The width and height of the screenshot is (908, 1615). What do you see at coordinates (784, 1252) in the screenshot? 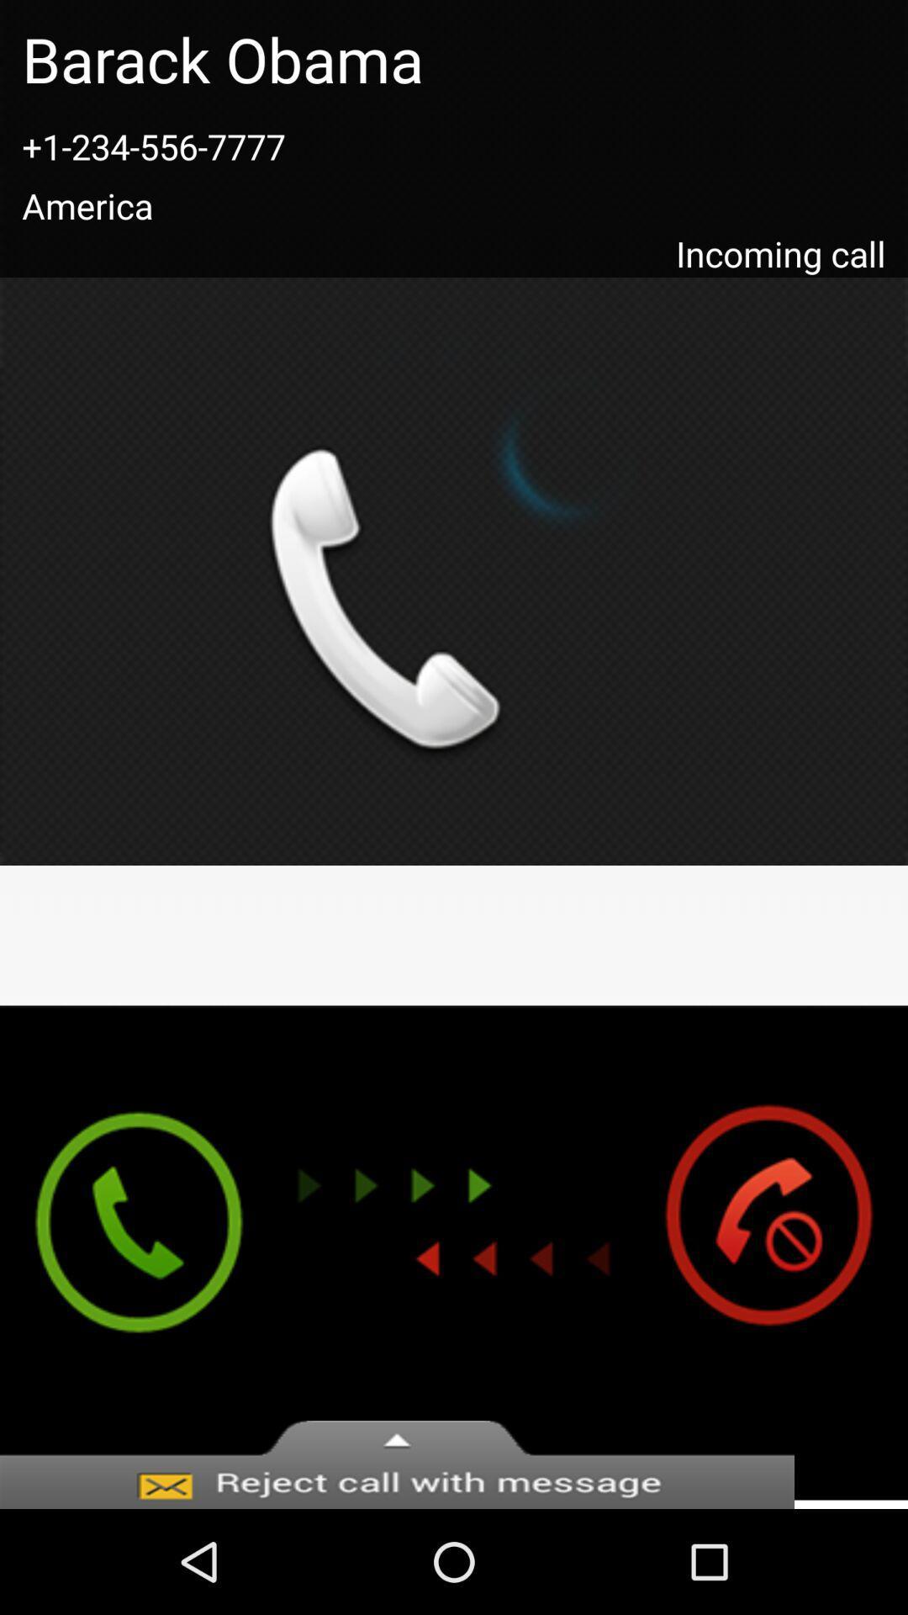
I see `end call` at bounding box center [784, 1252].